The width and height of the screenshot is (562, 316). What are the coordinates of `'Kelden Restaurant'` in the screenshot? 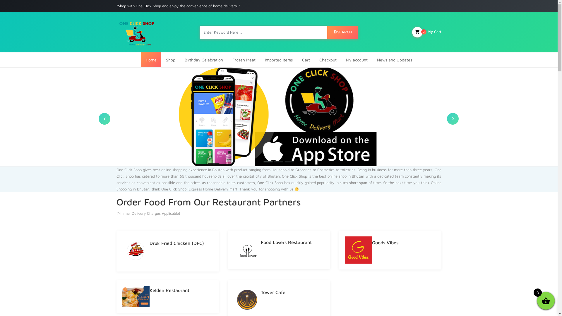 It's located at (169, 291).